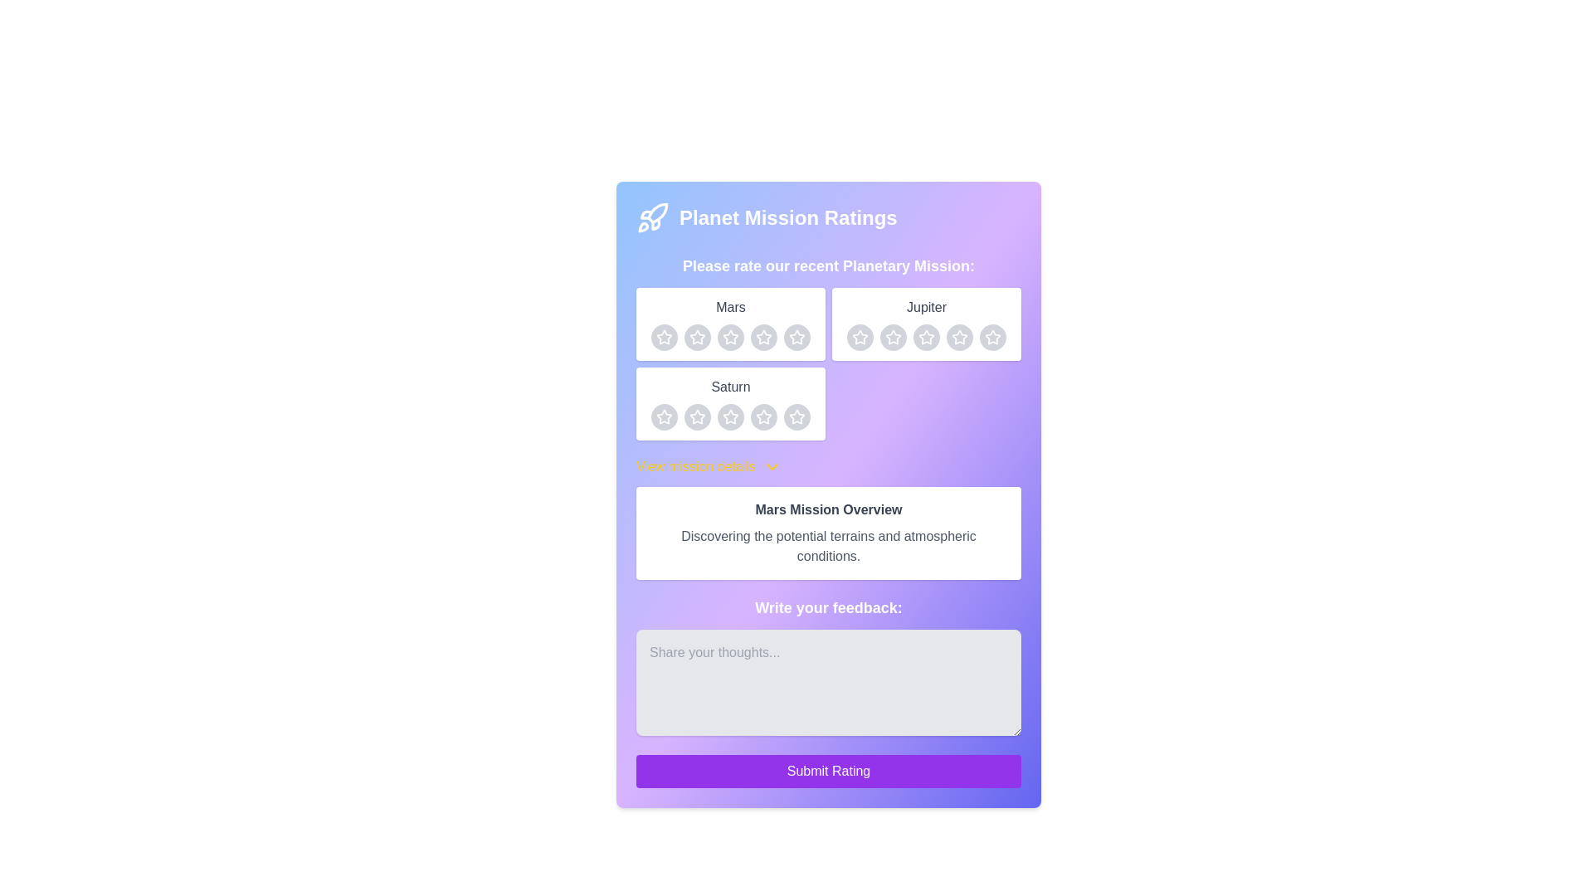 The width and height of the screenshot is (1593, 896). What do you see at coordinates (665, 416) in the screenshot?
I see `the first star button to rate the 'Saturn' mission with one star` at bounding box center [665, 416].